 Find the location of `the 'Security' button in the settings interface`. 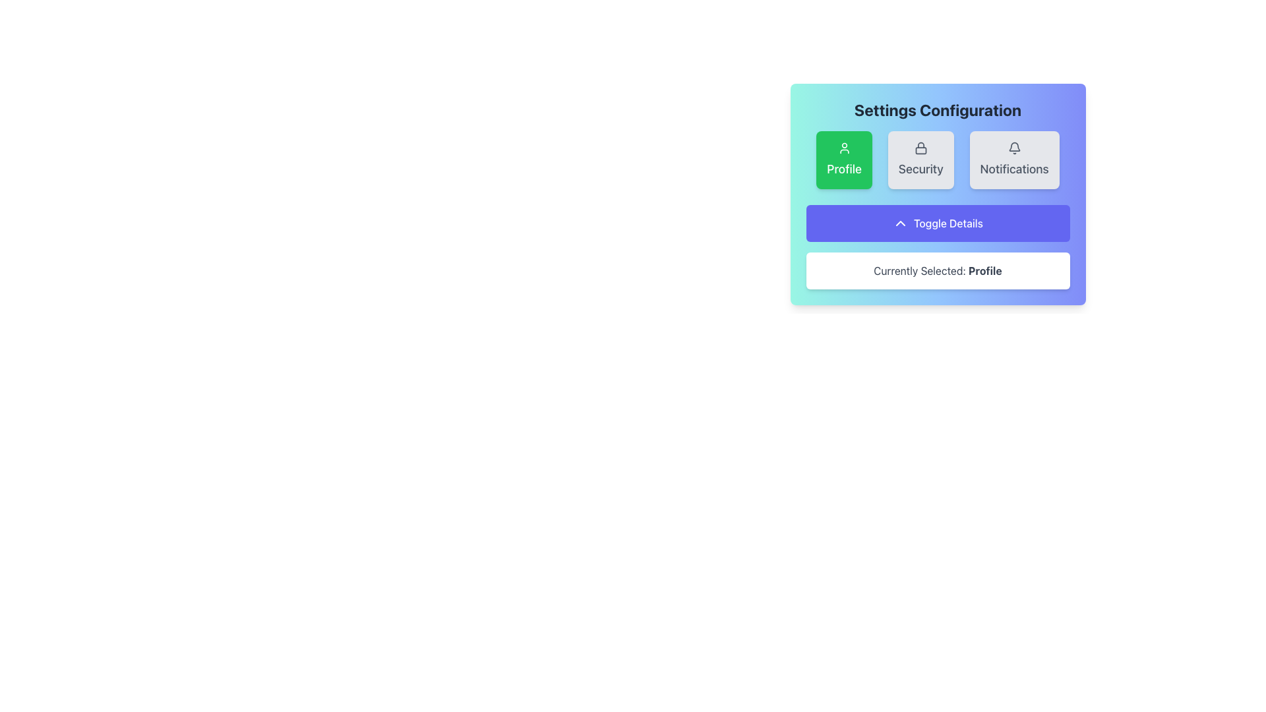

the 'Security' button in the settings interface is located at coordinates (920, 160).